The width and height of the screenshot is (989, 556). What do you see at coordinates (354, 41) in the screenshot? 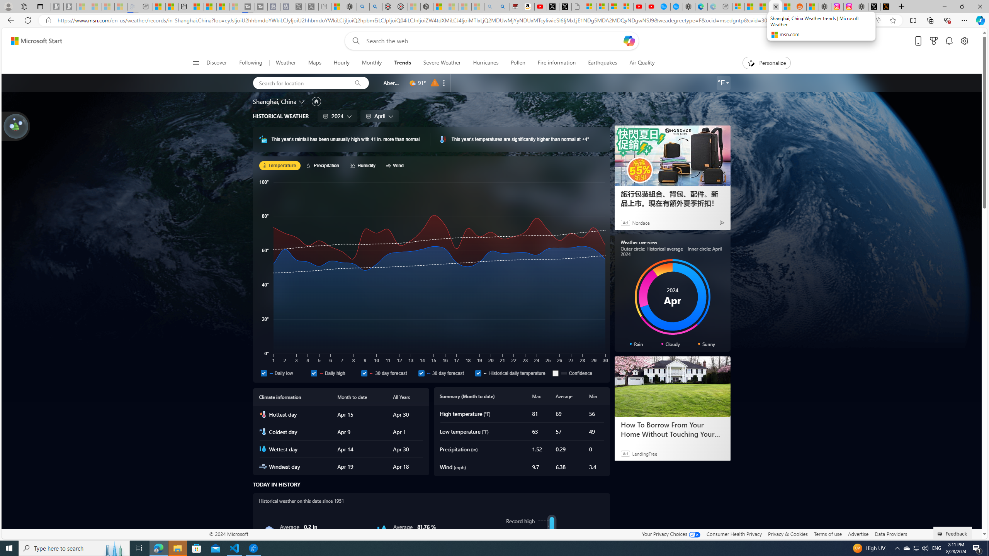
I see `'Web search'` at bounding box center [354, 41].